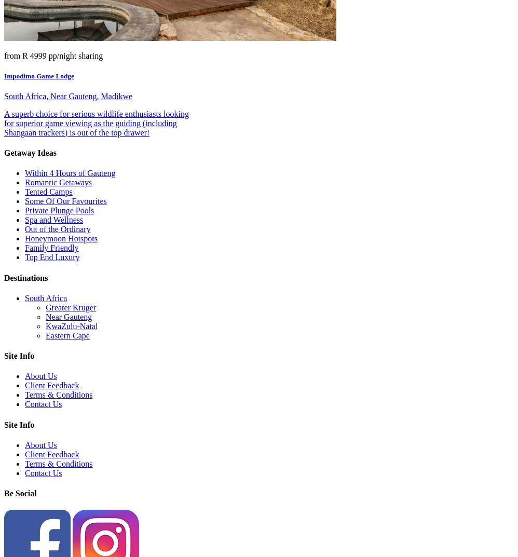  I want to click on 'Family Friendly', so click(51, 247).